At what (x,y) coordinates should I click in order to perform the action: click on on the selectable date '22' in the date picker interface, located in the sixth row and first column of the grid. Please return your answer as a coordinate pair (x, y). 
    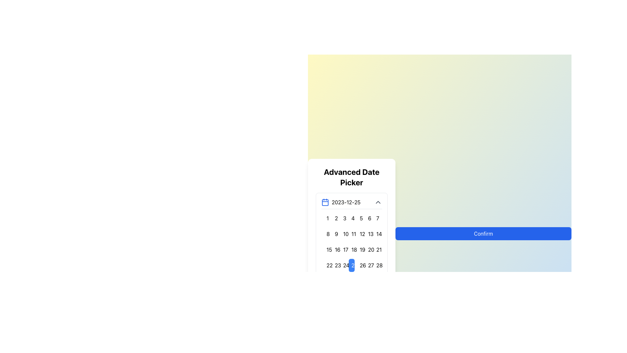
    Looking at the image, I should click on (326, 265).